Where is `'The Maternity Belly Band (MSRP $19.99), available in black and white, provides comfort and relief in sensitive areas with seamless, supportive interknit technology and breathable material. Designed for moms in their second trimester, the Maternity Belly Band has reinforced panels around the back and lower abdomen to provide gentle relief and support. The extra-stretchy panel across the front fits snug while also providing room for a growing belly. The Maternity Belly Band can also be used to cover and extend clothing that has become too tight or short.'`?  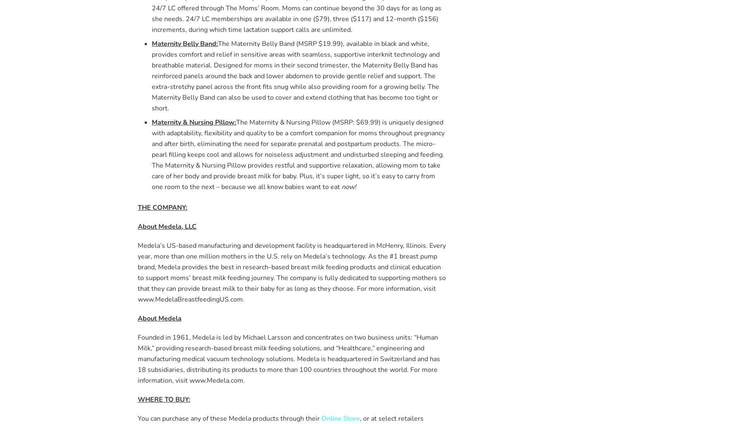 'The Maternity Belly Band (MSRP $19.99), available in black and white, provides comfort and relief in sensitive areas with seamless, supportive interknit technology and breathable material. Designed for moms in their second trimester, the Maternity Belly Band has reinforced panels around the back and lower abdomen to provide gentle relief and support. The extra-stretchy panel across the front fits snug while also providing room for a growing belly. The Maternity Belly Band can also be used to cover and extend clothing that has become too tight or short.' is located at coordinates (295, 75).